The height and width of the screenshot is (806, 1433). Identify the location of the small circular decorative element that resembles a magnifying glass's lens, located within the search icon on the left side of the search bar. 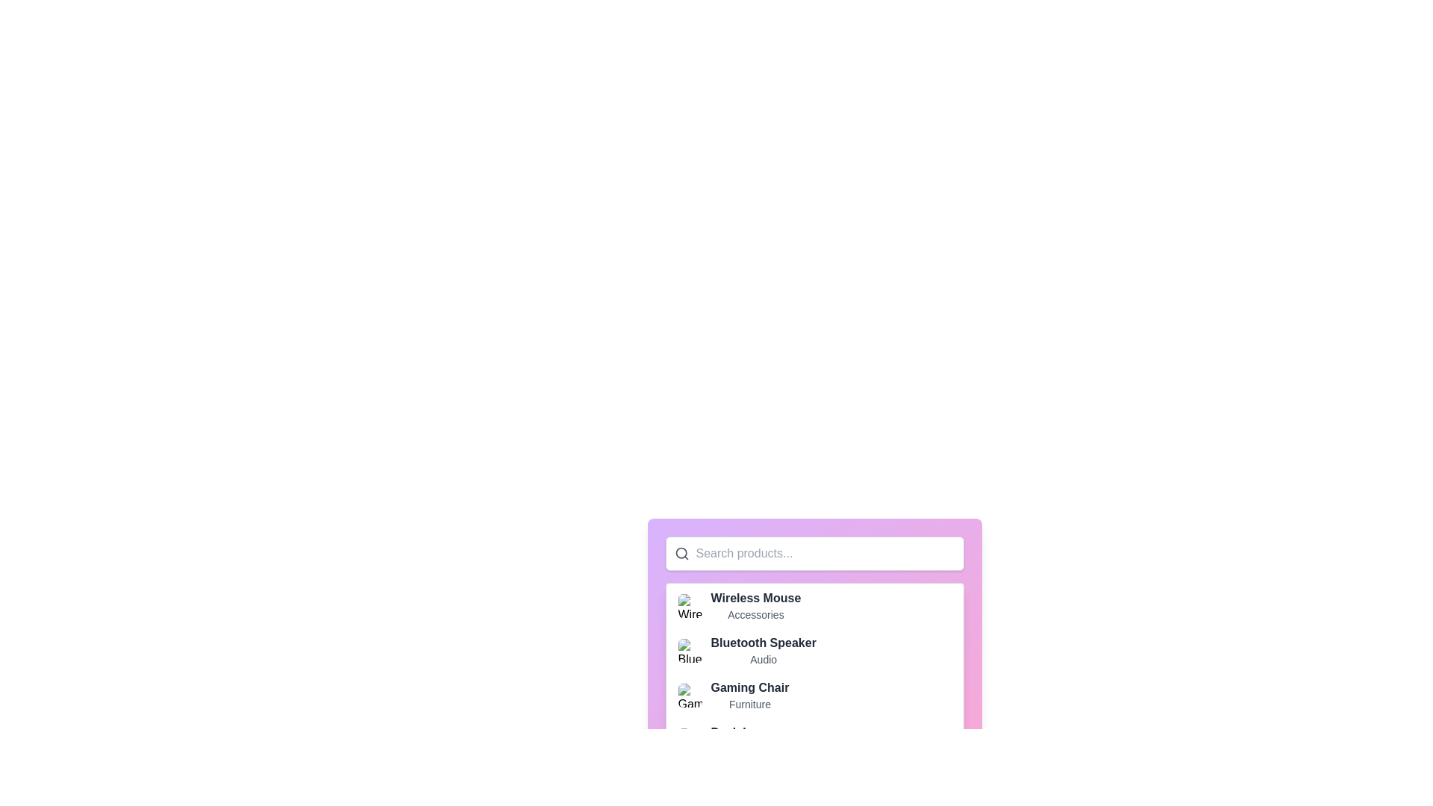
(680, 553).